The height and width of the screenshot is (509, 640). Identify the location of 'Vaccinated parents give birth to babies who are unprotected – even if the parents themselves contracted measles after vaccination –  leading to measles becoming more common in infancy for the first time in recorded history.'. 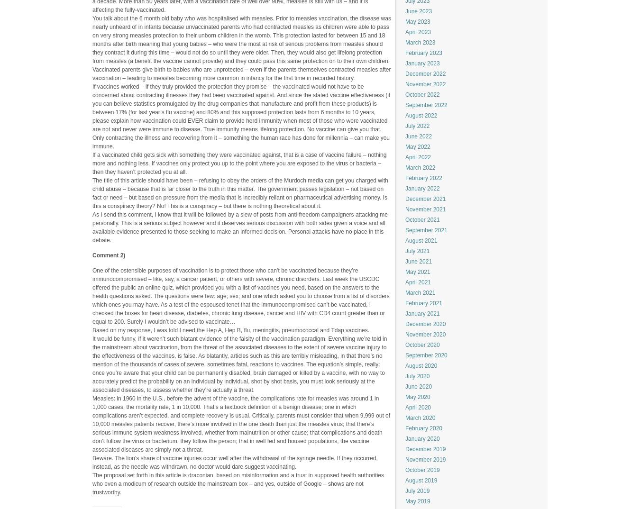
(241, 73).